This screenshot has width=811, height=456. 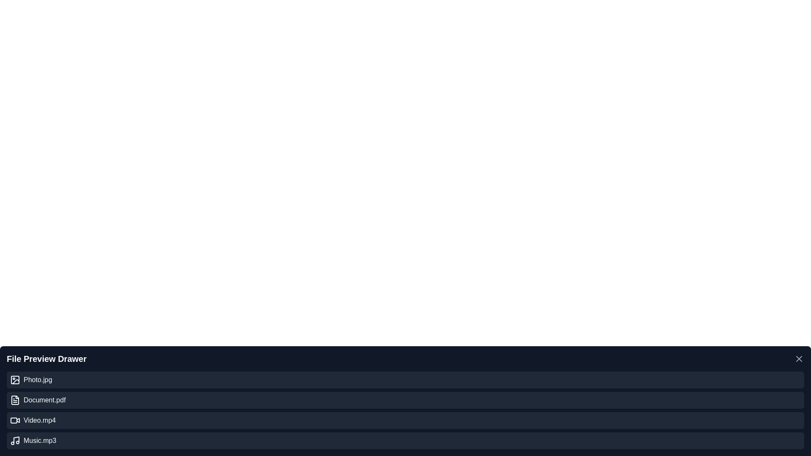 I want to click on the small video camera icon, which is located to the left of the filename 'Video.mp4' in the 'File Preview Drawer' interface, so click(x=15, y=420).